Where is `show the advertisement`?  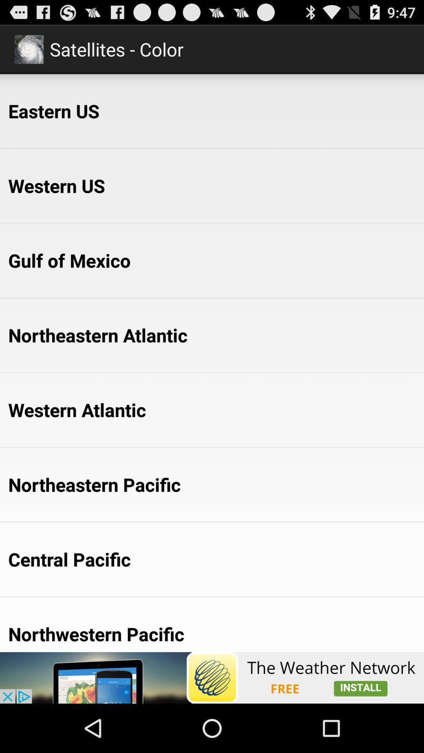 show the advertisement is located at coordinates (212, 677).